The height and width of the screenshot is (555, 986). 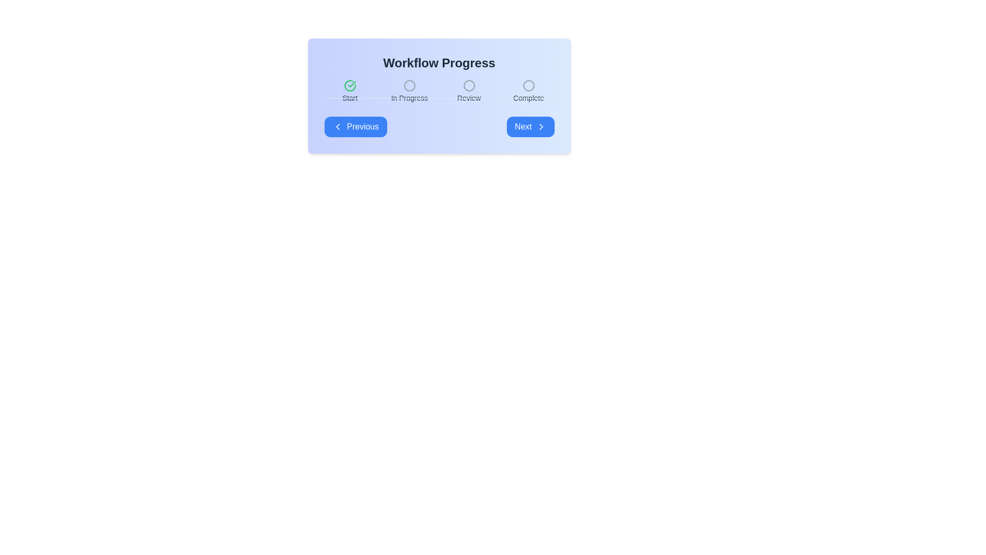 What do you see at coordinates (355, 126) in the screenshot?
I see `the 'Previous' button located at the bottom-left corner of the progress tracker area to receive hover feedback` at bounding box center [355, 126].